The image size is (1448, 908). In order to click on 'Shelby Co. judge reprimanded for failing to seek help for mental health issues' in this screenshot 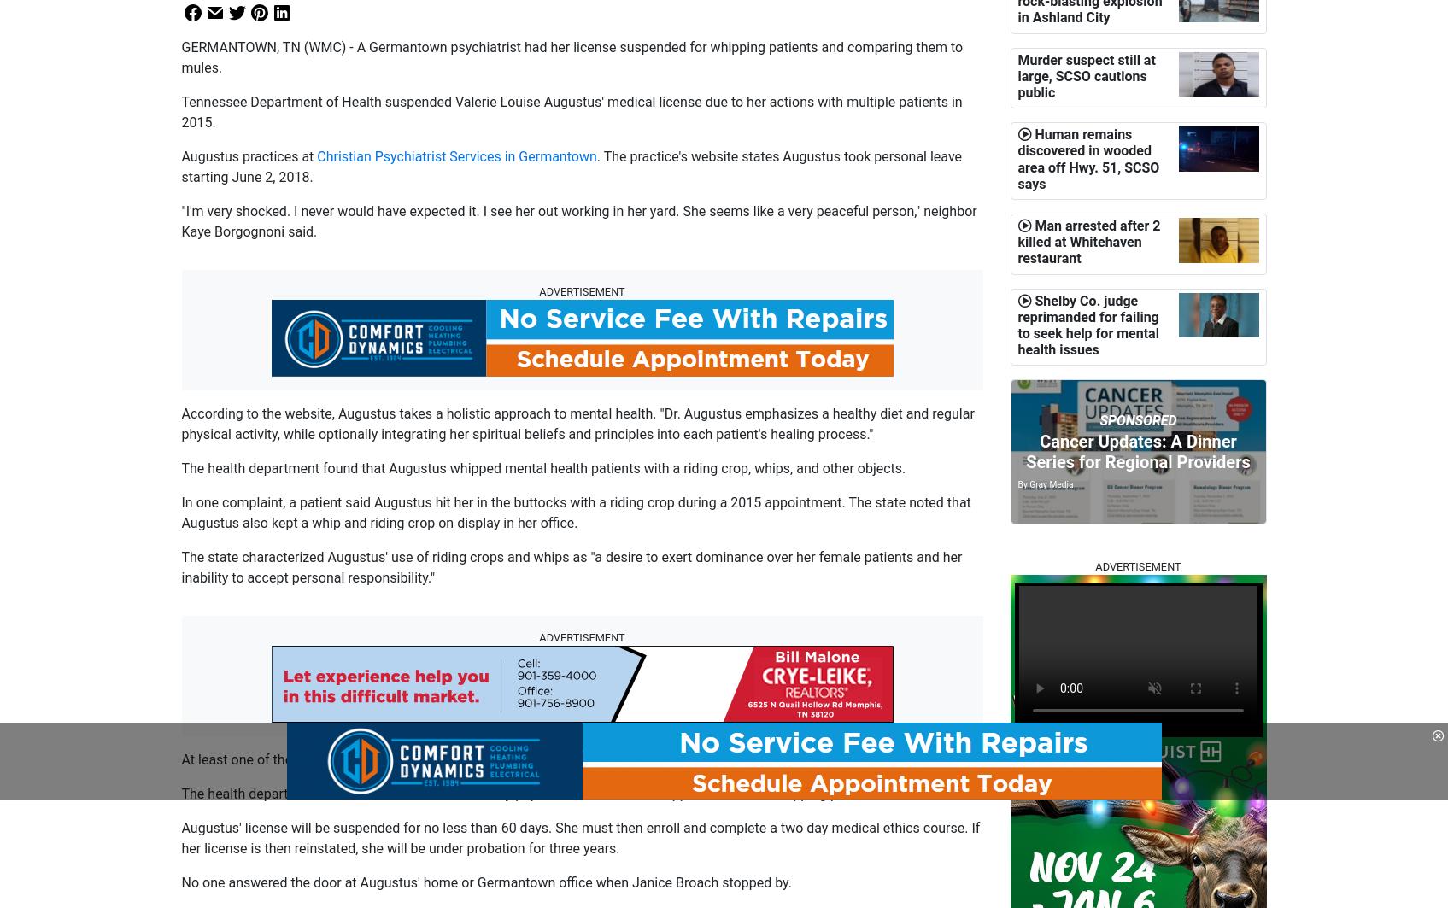, I will do `click(1017, 325)`.